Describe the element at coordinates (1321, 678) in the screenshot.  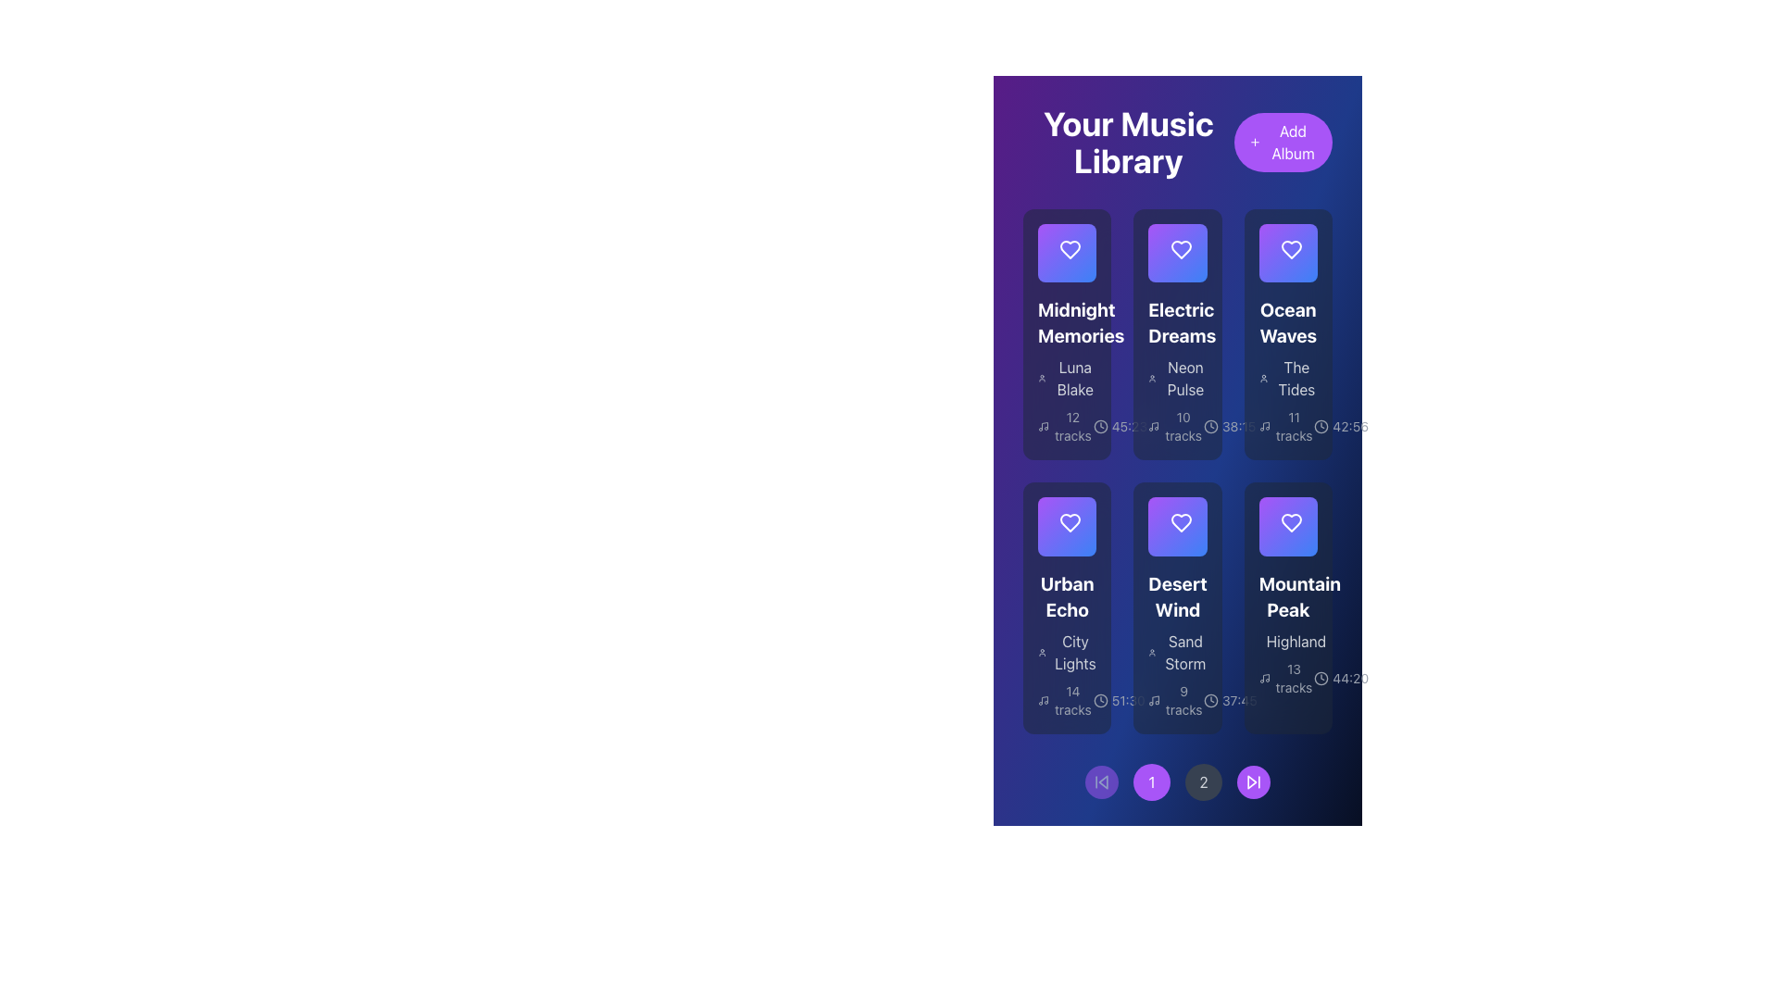
I see `the decorative SVG circle that is styled as part of the clock icon located at the bottom-right corner of the 'Mountain Peak' album card` at that location.